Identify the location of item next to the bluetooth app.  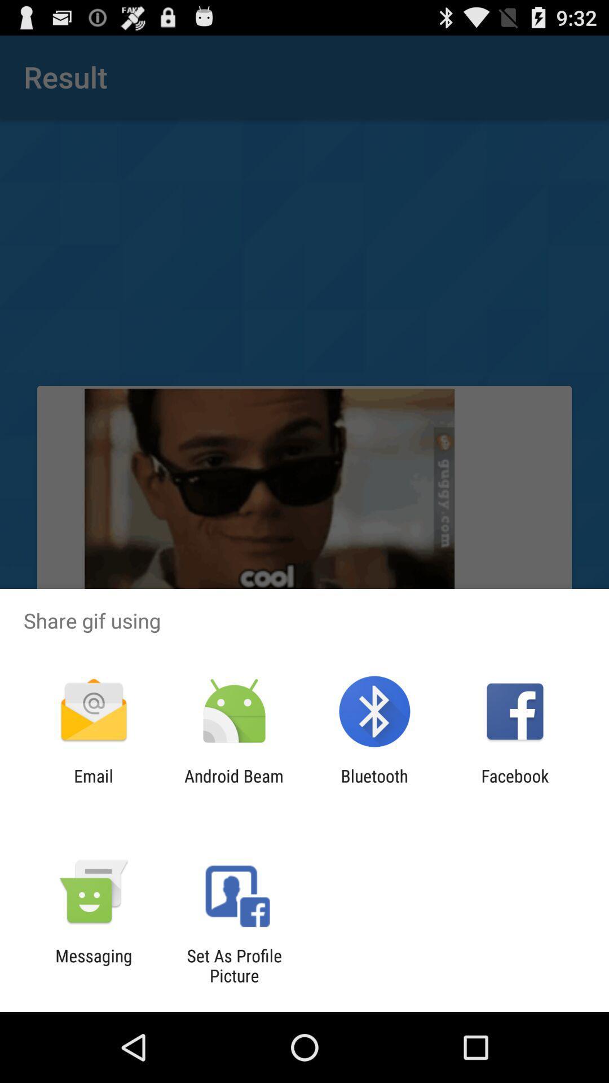
(233, 785).